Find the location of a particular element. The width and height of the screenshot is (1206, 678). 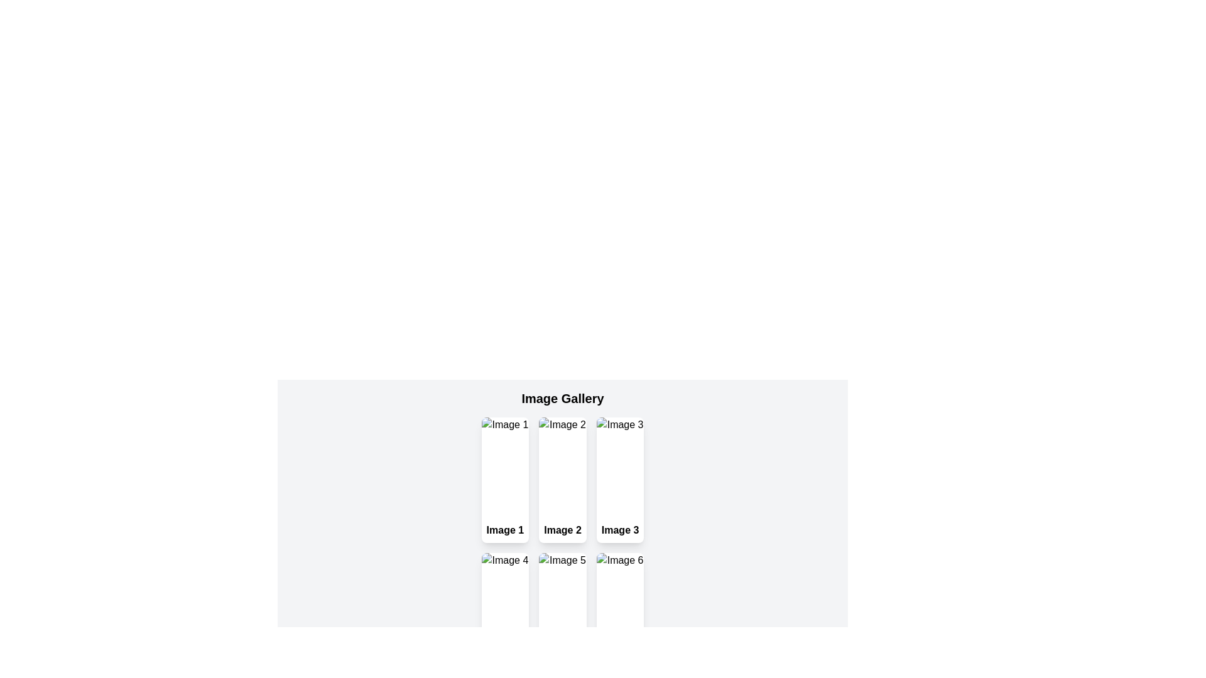

text label located directly below the 'Image 2' placeholder in the second column of the grid structure, which provides context for the visual content is located at coordinates (562, 530).